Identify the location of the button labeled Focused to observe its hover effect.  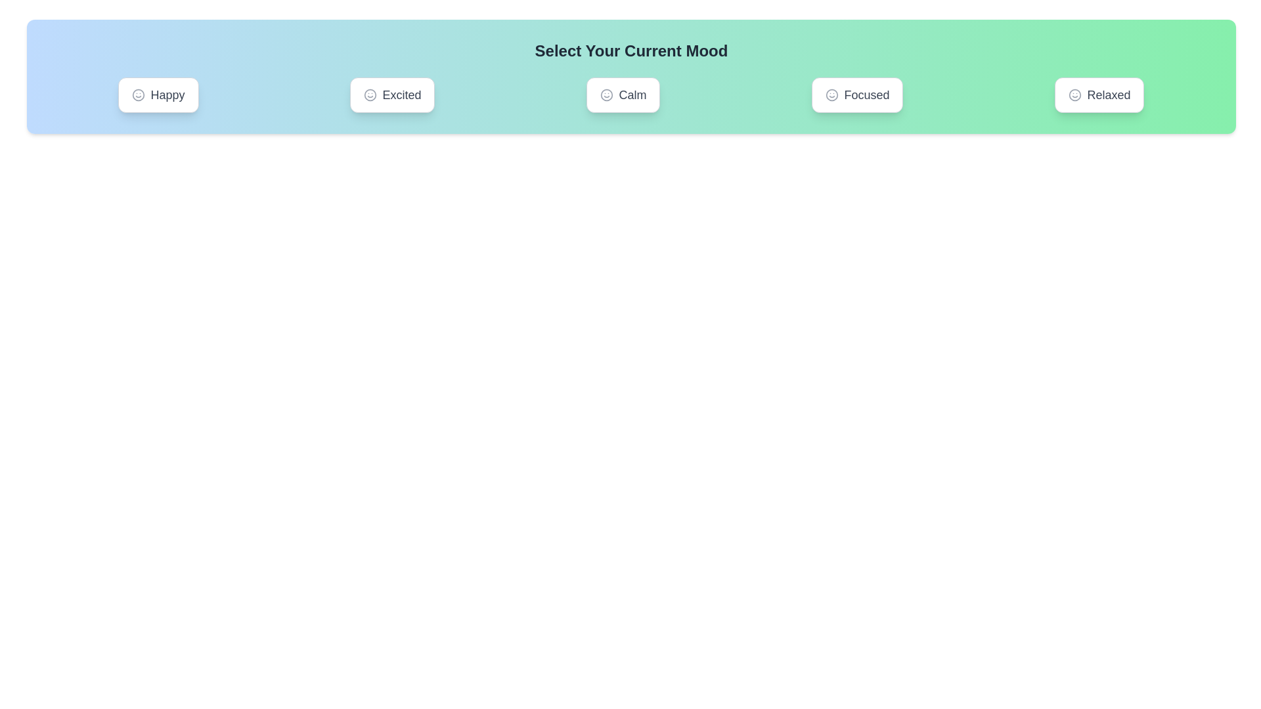
(857, 95).